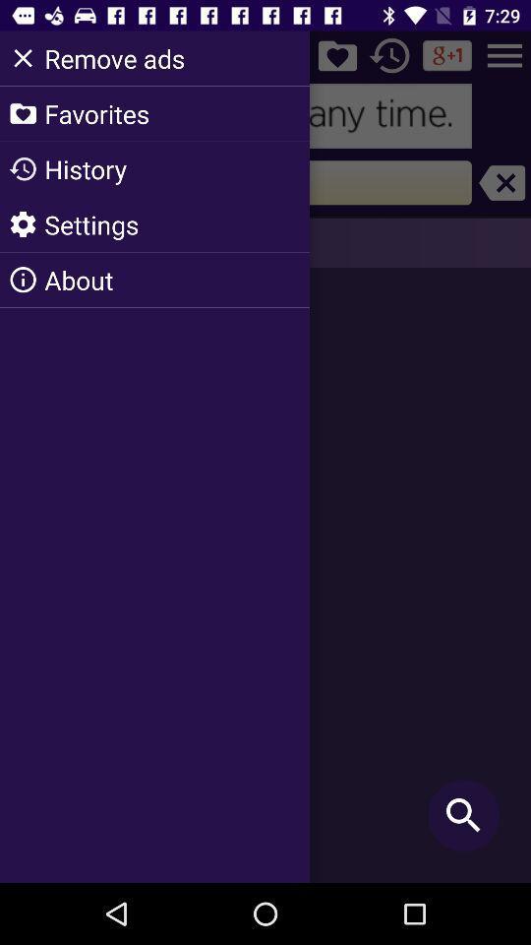 This screenshot has width=531, height=945. I want to click on the close icon, so click(501, 182).